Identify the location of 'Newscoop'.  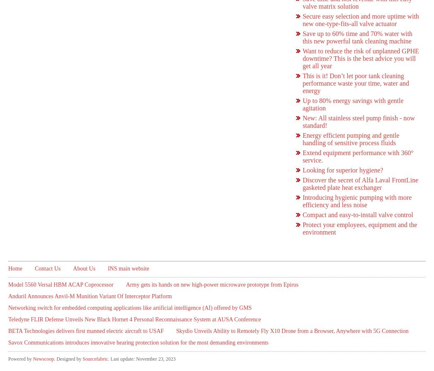
(43, 359).